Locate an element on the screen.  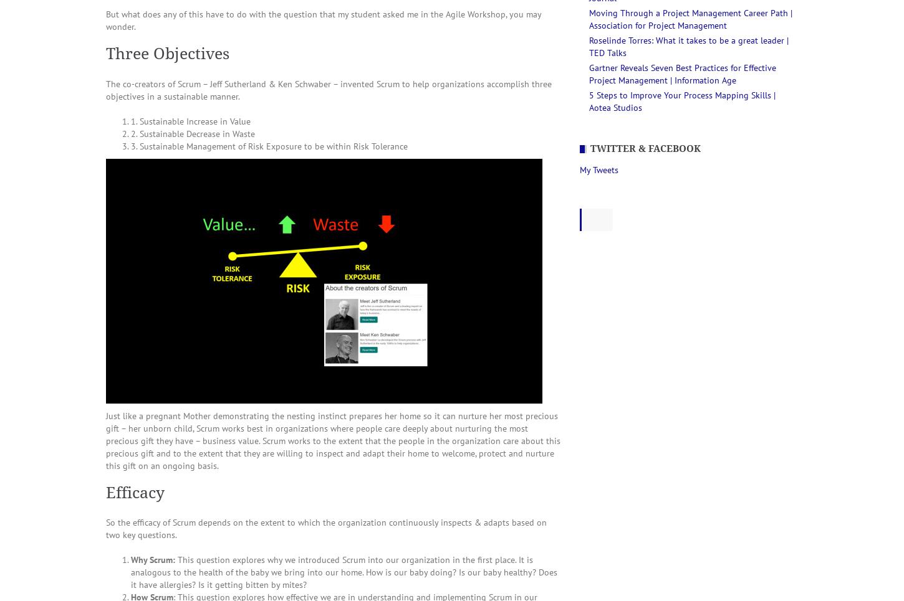
'This question explores why we introduced Scrum into our organization in the first place. It is analogous to the health of the baby we bring into our home. How is our baby doing? Is our baby healthy? Does it have allergies? Is it getting bitten by mites?' is located at coordinates (344, 571).